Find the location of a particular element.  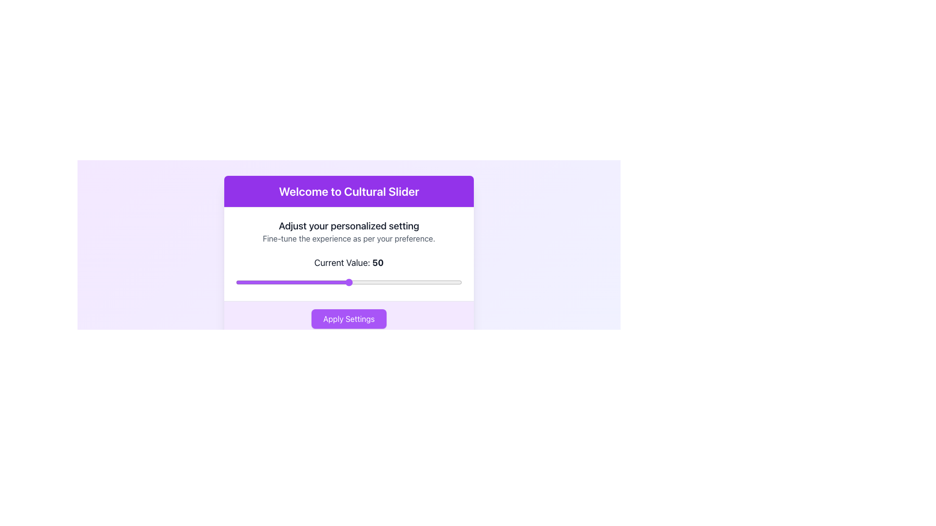

the slider is located at coordinates (254, 282).